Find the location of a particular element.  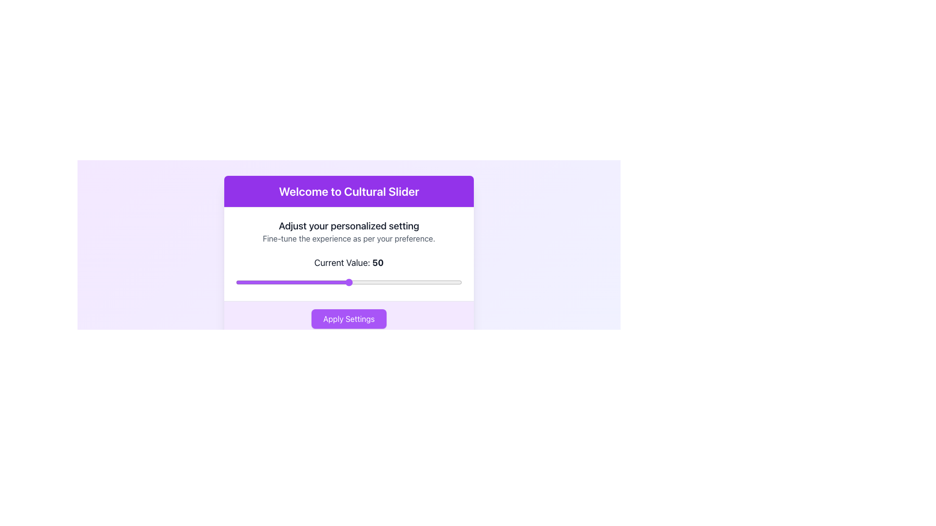

the slider is located at coordinates (254, 282).